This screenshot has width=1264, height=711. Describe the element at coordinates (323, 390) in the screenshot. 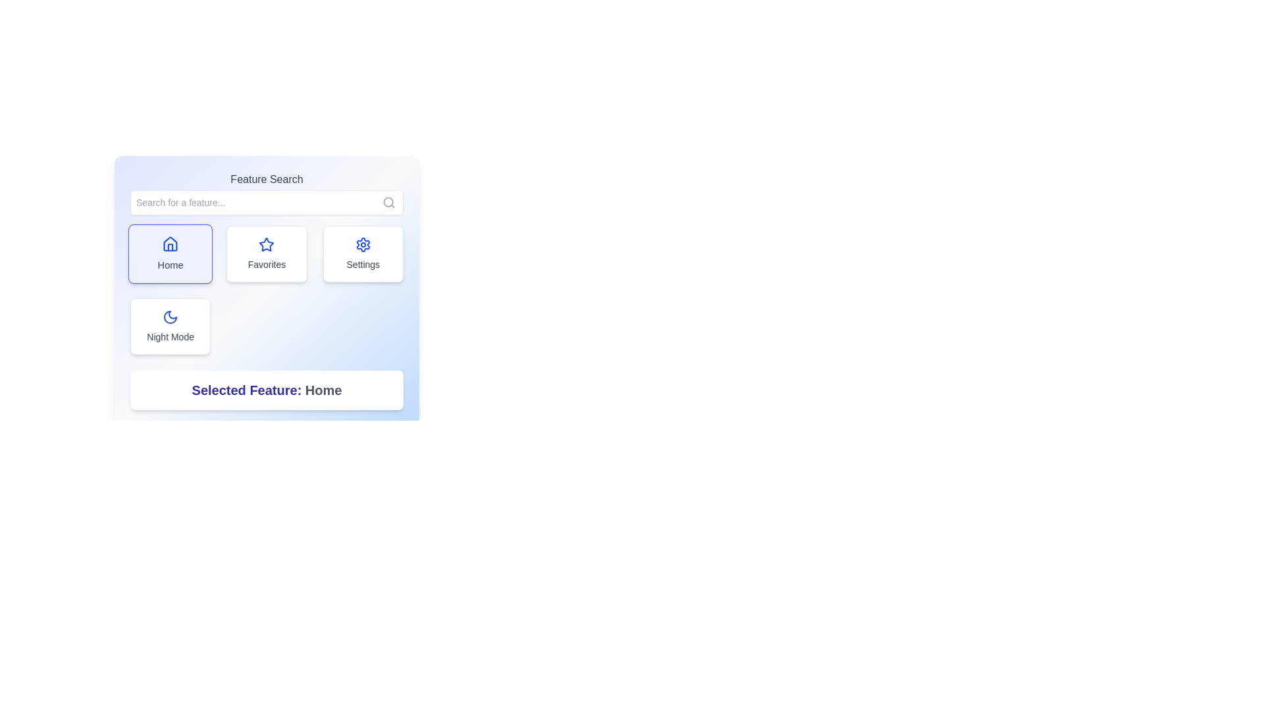

I see `the Text Label indicating the currently selected feature, which is located on the right side of the text group 'Selected Feature: Home'` at that location.